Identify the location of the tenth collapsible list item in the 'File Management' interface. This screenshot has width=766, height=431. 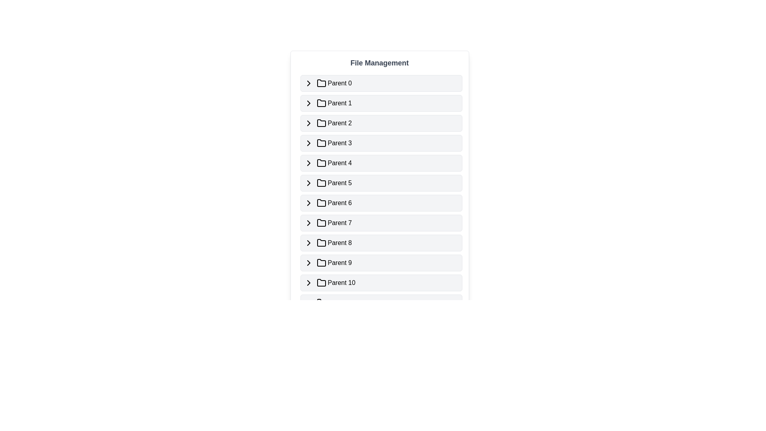
(381, 263).